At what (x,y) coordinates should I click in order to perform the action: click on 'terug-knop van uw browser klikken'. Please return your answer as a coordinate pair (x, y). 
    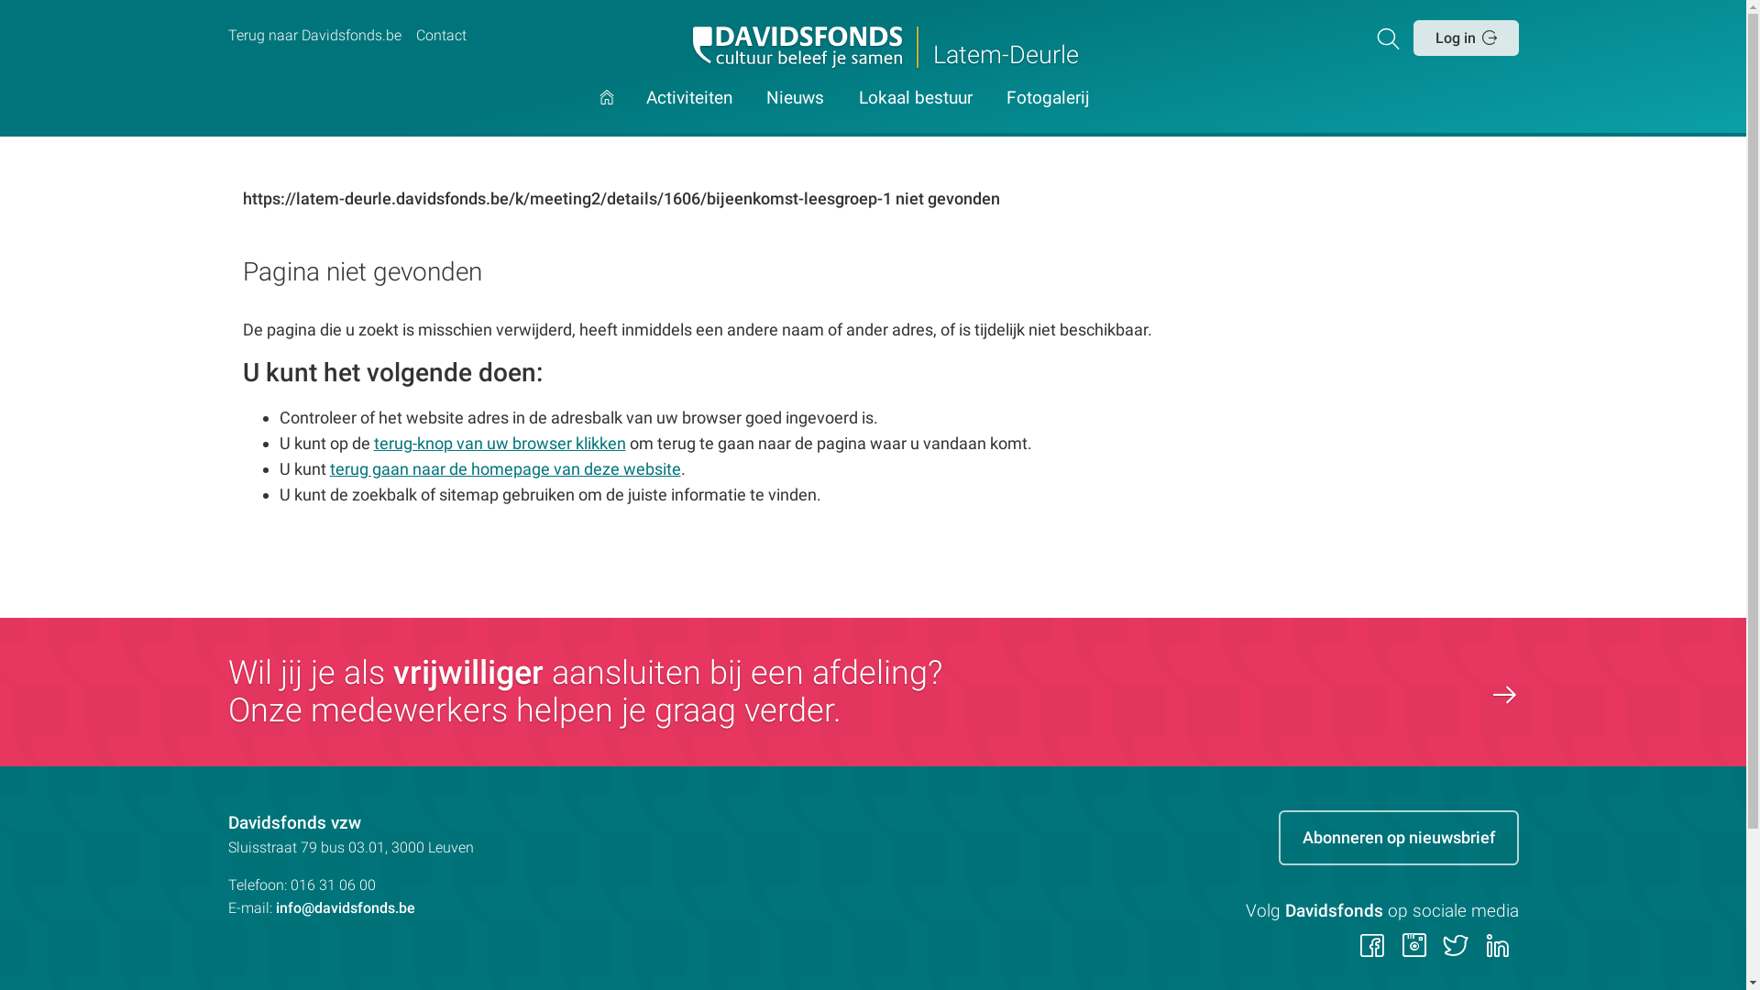
    Looking at the image, I should click on (373, 443).